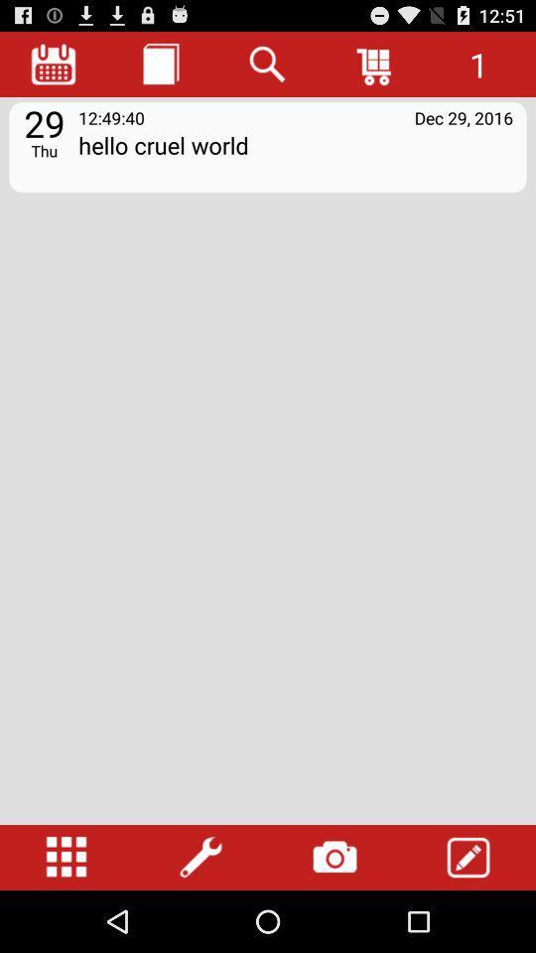 The image size is (536, 953). I want to click on new event to calendar, so click(469, 857).